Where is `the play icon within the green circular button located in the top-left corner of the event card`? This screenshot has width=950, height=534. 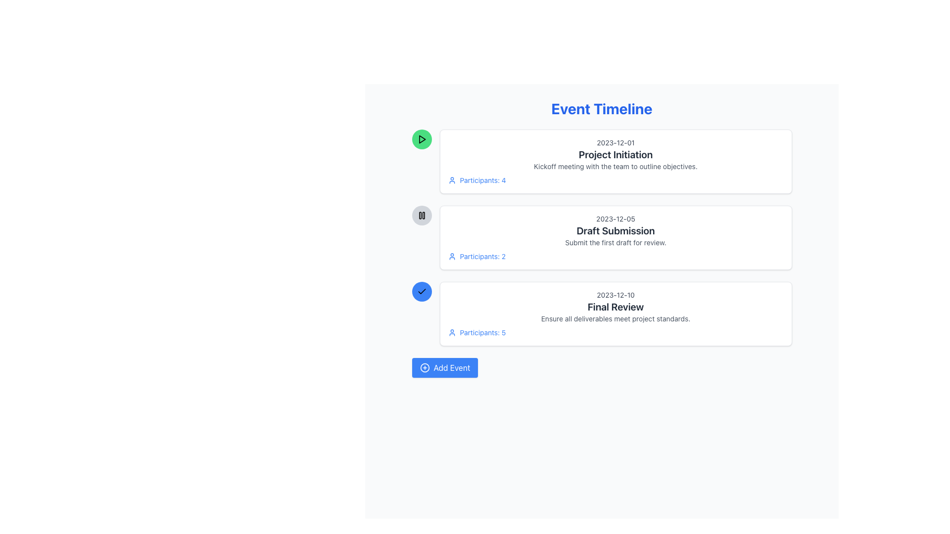 the play icon within the green circular button located in the top-left corner of the event card is located at coordinates (422, 139).